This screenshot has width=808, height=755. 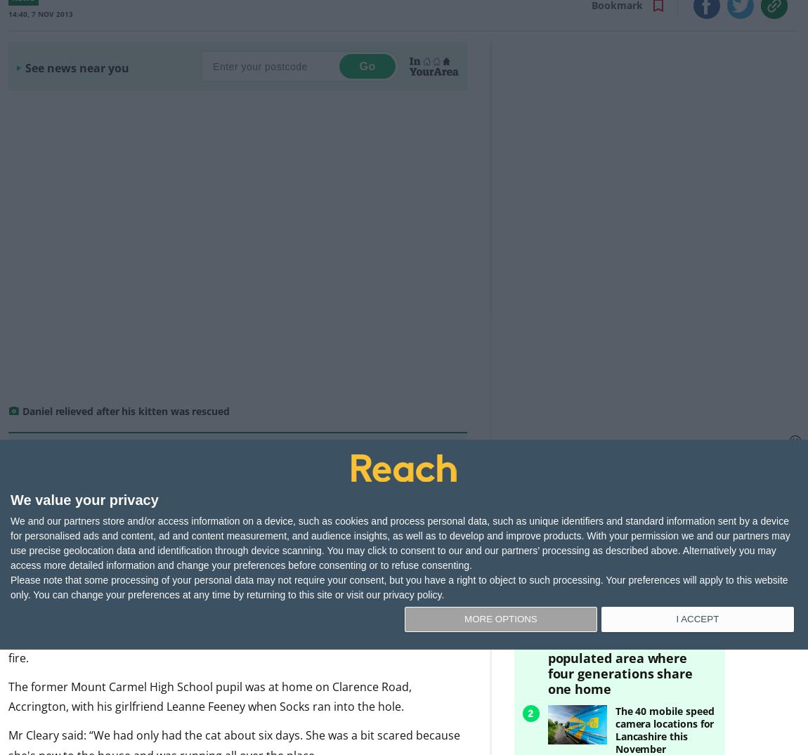 What do you see at coordinates (626, 641) in the screenshot?
I see `'Life in Lancashire's most populated area where four generations share one home'` at bounding box center [626, 641].